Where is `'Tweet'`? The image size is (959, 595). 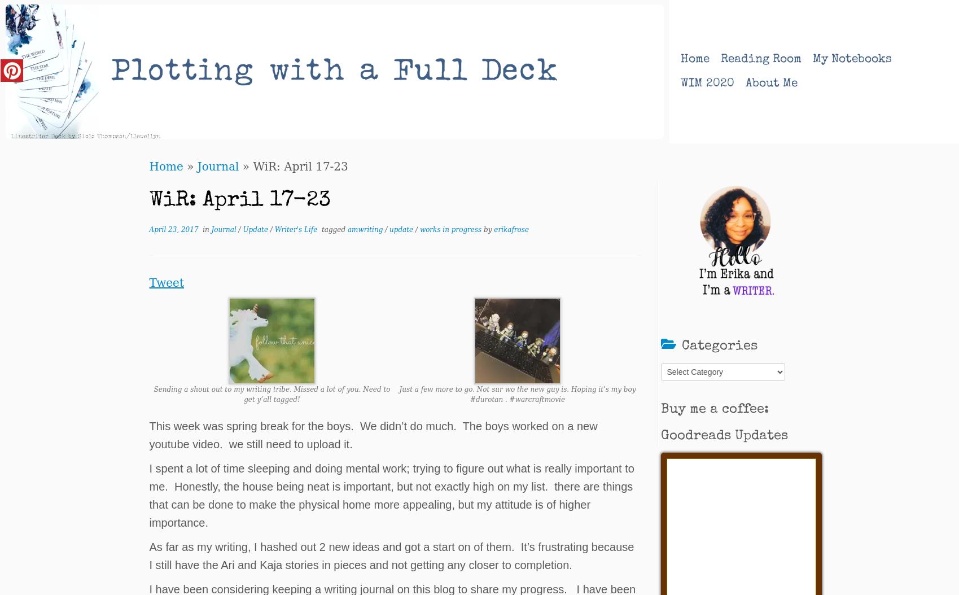
'Tweet' is located at coordinates (165, 282).